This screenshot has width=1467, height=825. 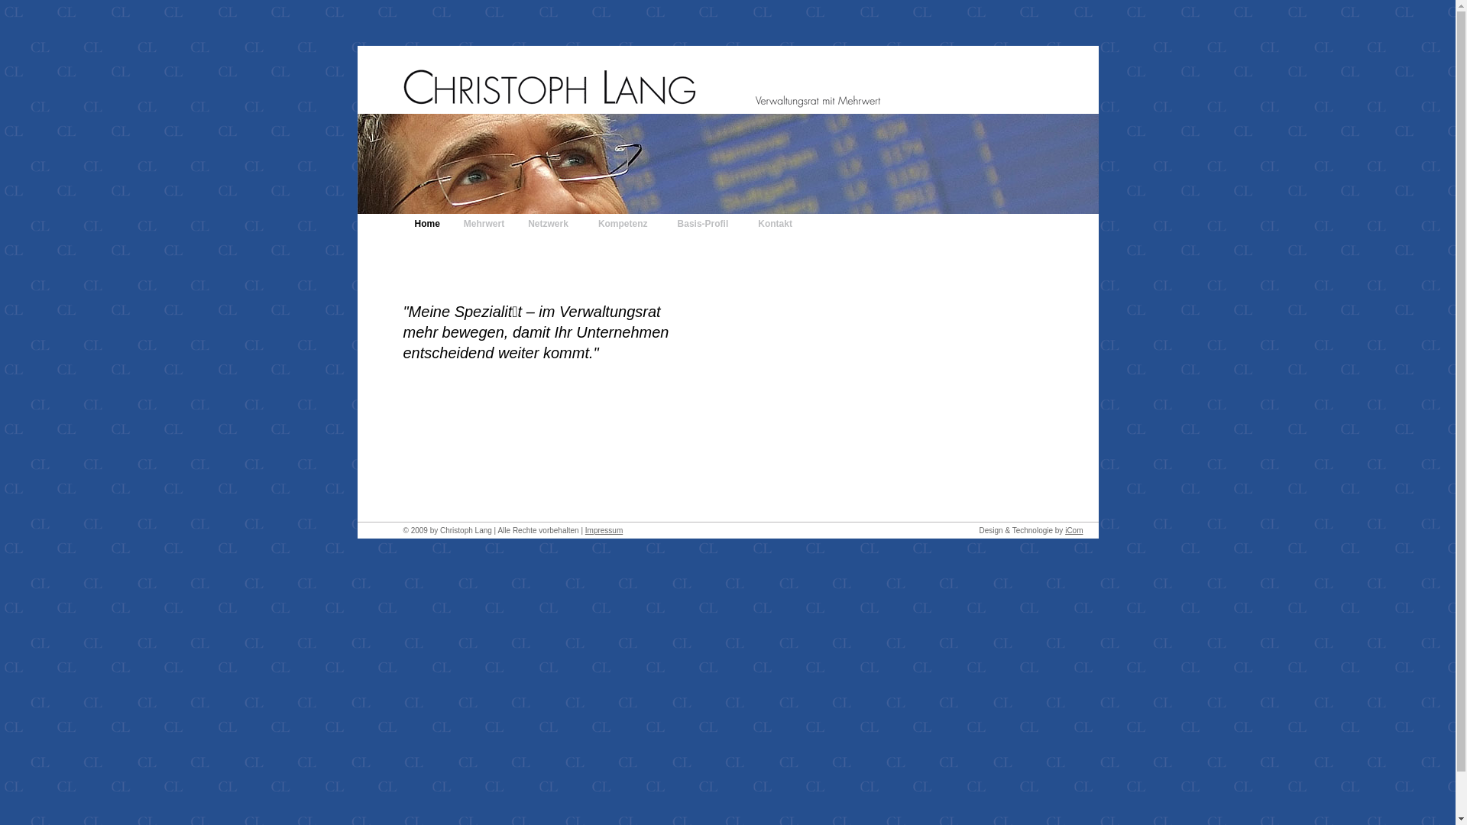 I want to click on 'Basis-Profil', so click(x=706, y=224).